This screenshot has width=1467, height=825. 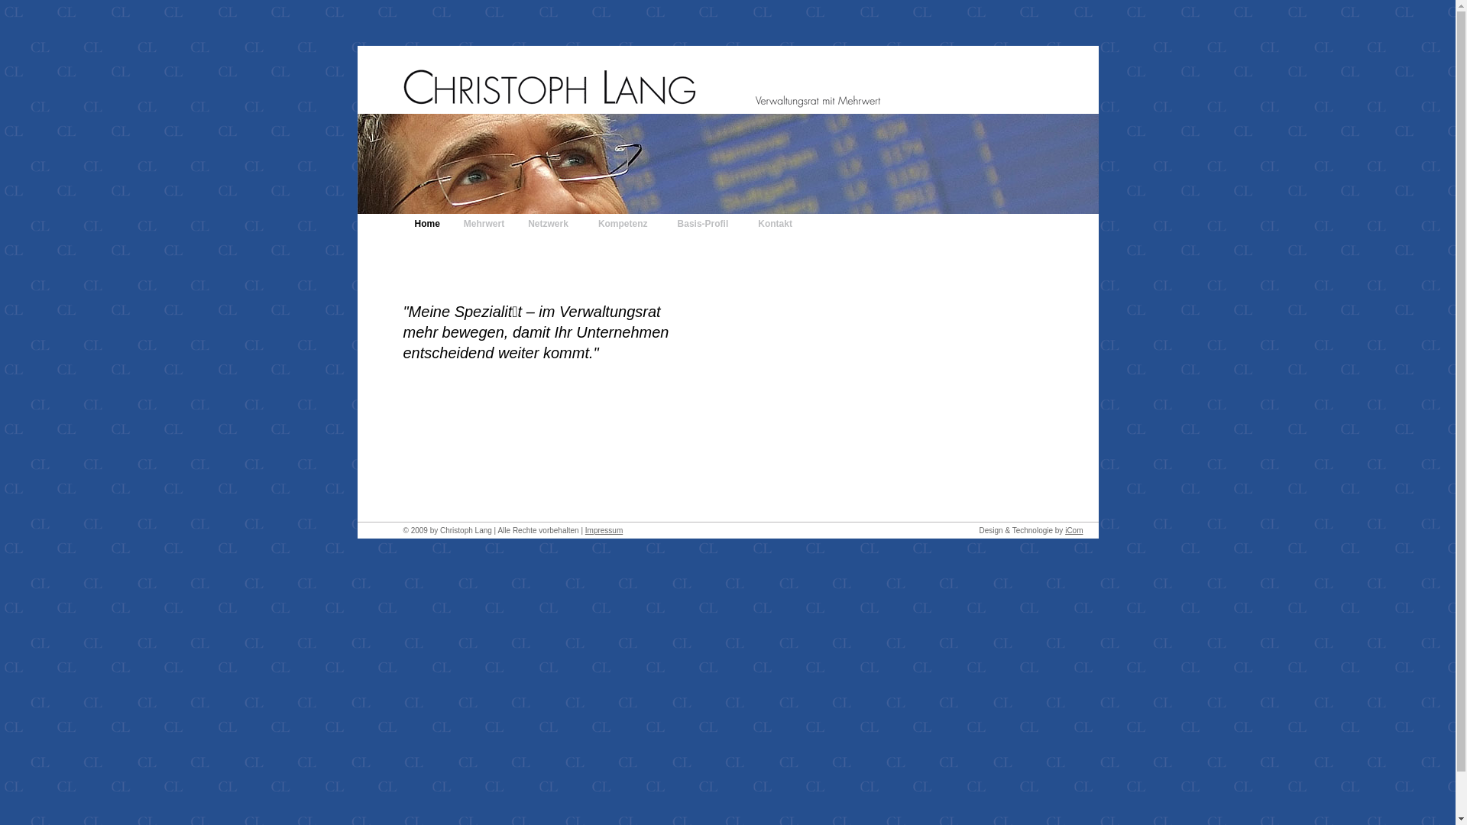 I want to click on 'Basis-Profil', so click(x=706, y=224).